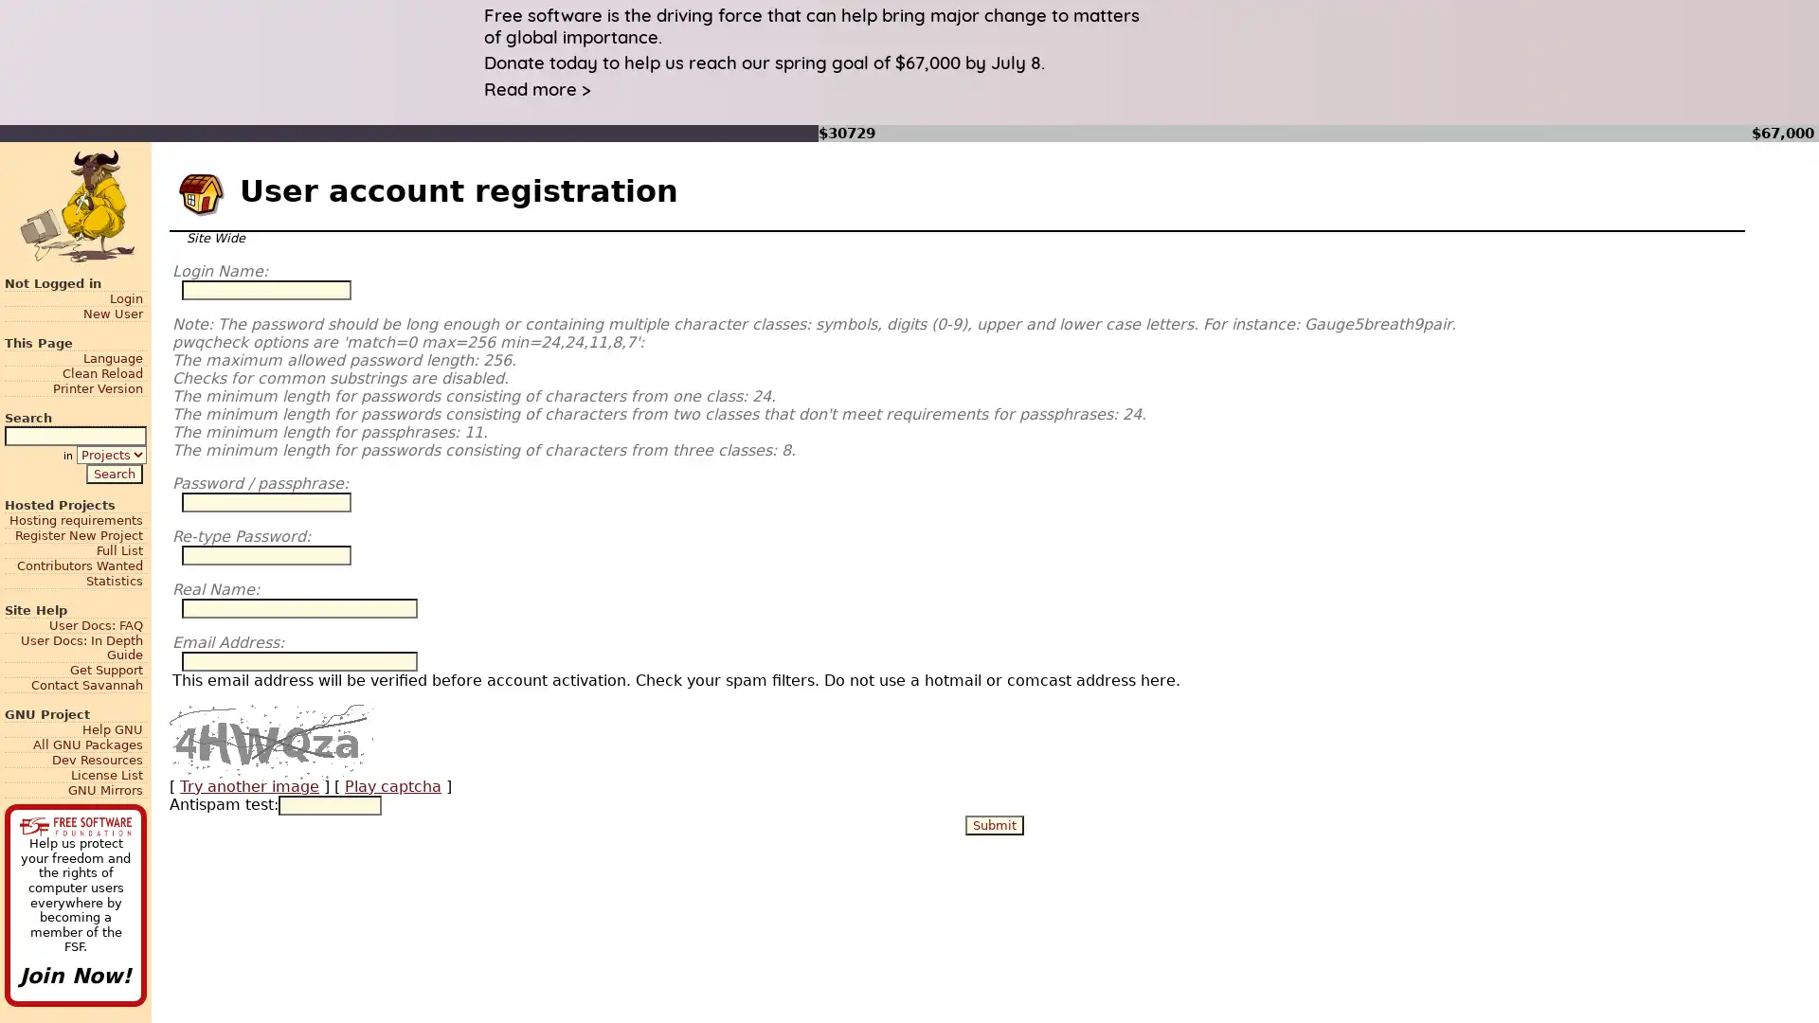  Describe the element at coordinates (993, 823) in the screenshot. I see `Submit` at that location.